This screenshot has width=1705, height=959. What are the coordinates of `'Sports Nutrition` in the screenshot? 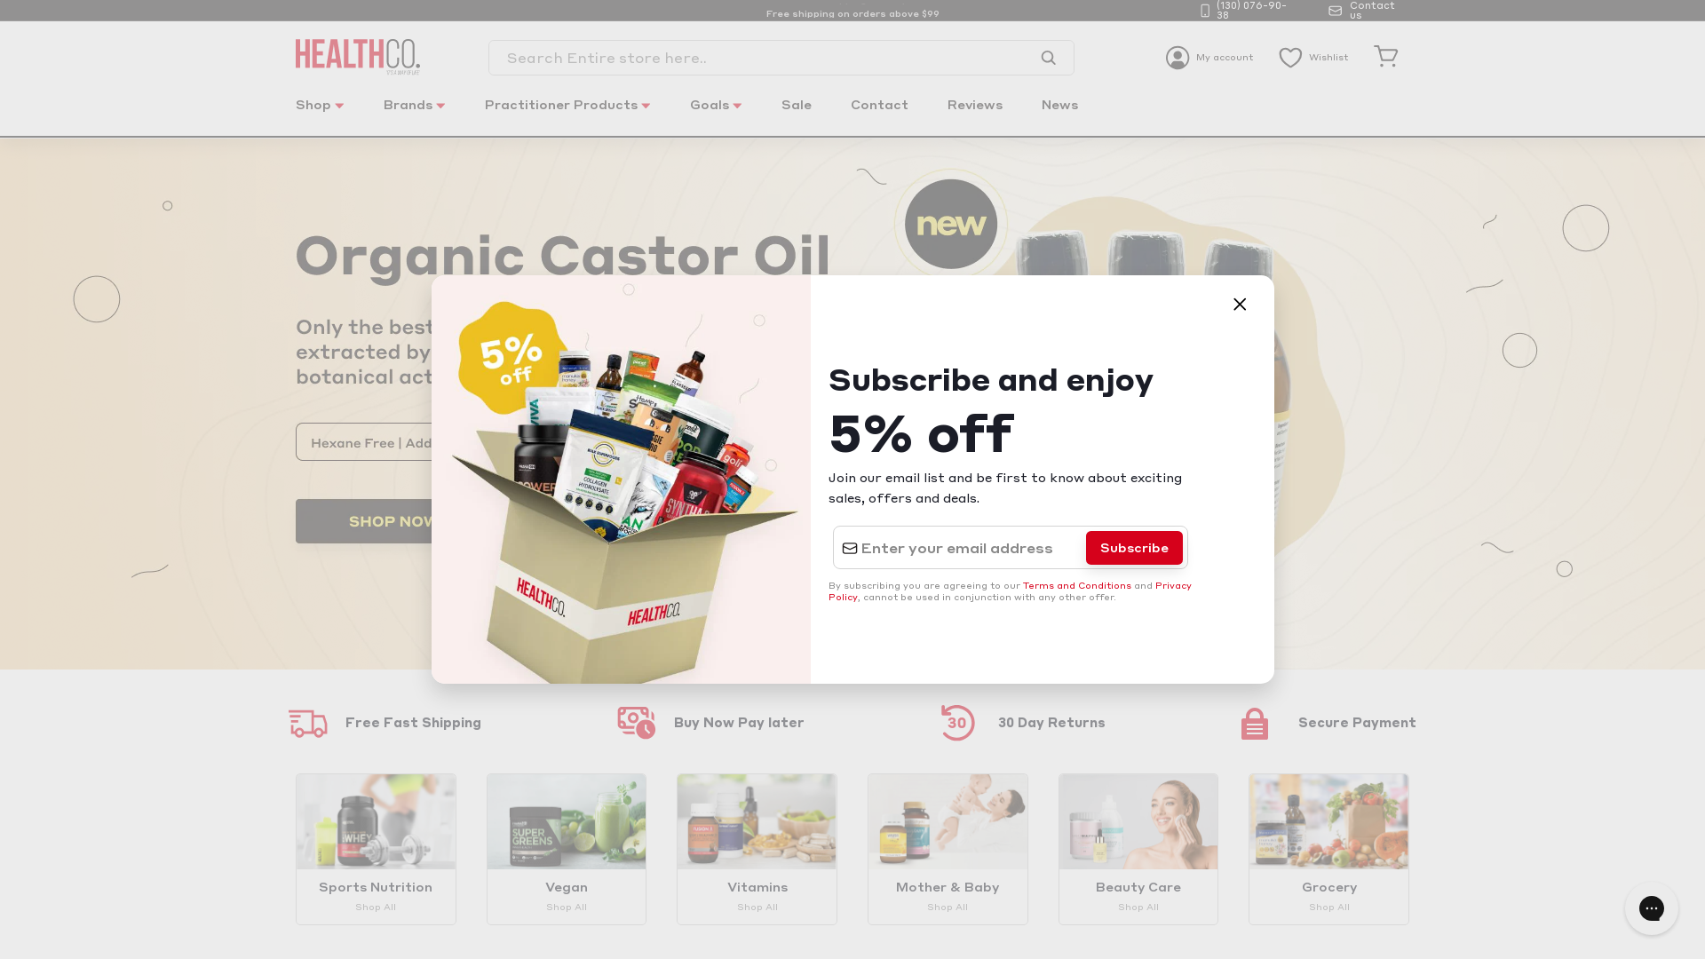 It's located at (375, 848).